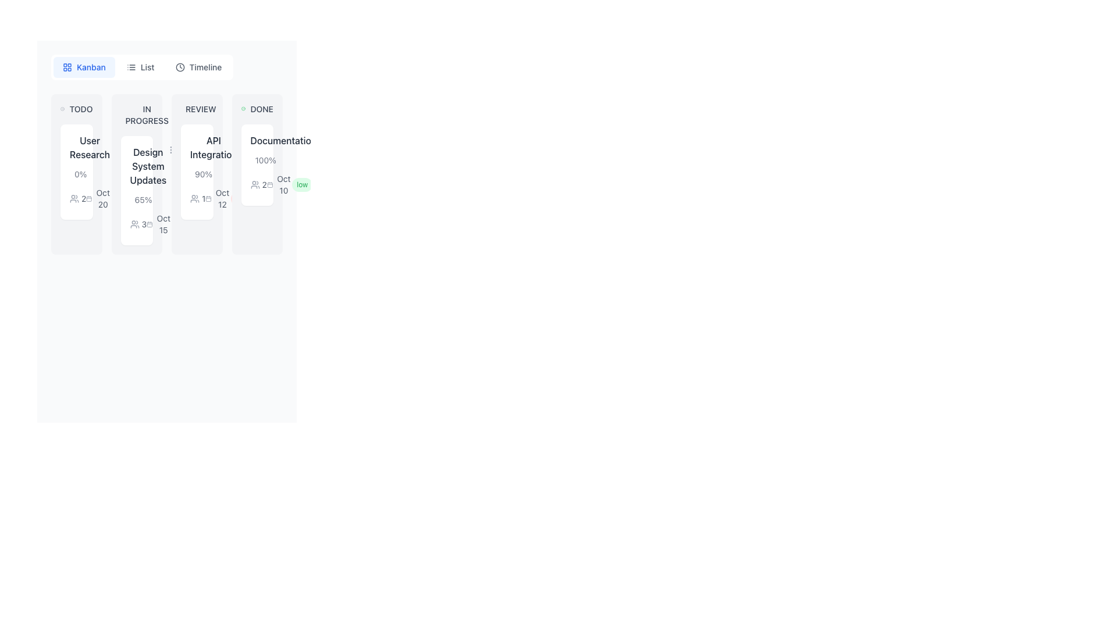  I want to click on the text label 'Design System Updates' which is located at the top-center of the 'IN PROGRESS' column in the task board interface, so click(147, 166).